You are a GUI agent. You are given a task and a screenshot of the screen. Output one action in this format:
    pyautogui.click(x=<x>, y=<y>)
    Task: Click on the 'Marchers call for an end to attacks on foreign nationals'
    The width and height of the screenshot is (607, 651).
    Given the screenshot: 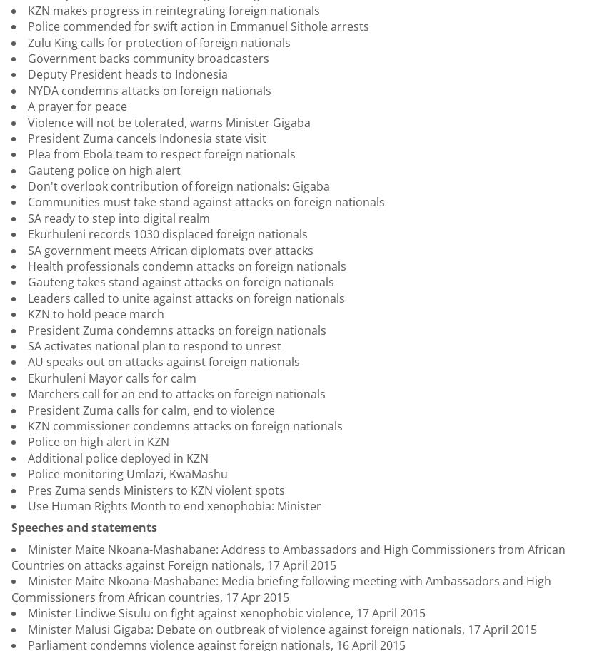 What is the action you would take?
    pyautogui.click(x=176, y=394)
    